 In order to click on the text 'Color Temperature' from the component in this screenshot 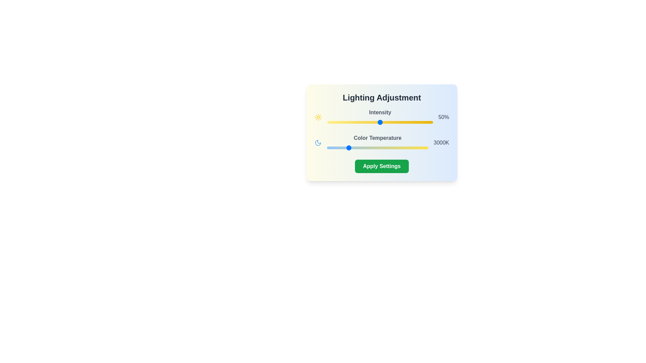, I will do `click(378, 138)`.